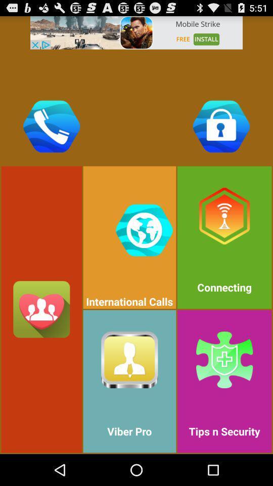 The width and height of the screenshot is (273, 486). Describe the element at coordinates (220, 126) in the screenshot. I see `the lock icon` at that location.